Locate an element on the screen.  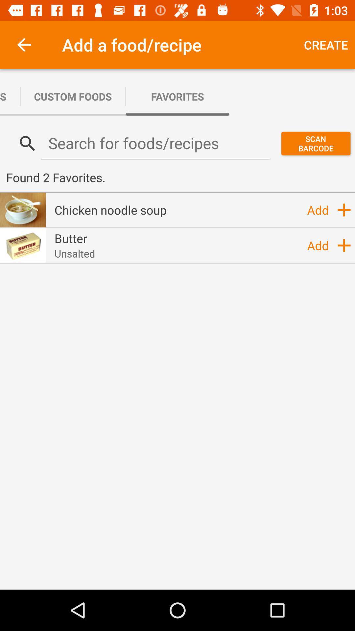
the icon to the left of add item is located at coordinates (74, 253).